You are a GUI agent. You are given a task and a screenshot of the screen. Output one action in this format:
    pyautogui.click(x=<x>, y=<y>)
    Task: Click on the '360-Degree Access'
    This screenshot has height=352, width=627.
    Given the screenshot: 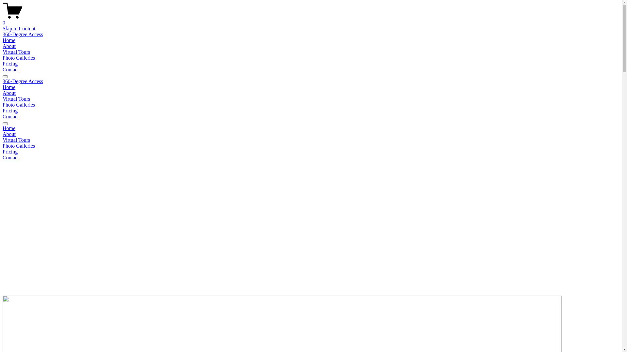 What is the action you would take?
    pyautogui.click(x=23, y=81)
    